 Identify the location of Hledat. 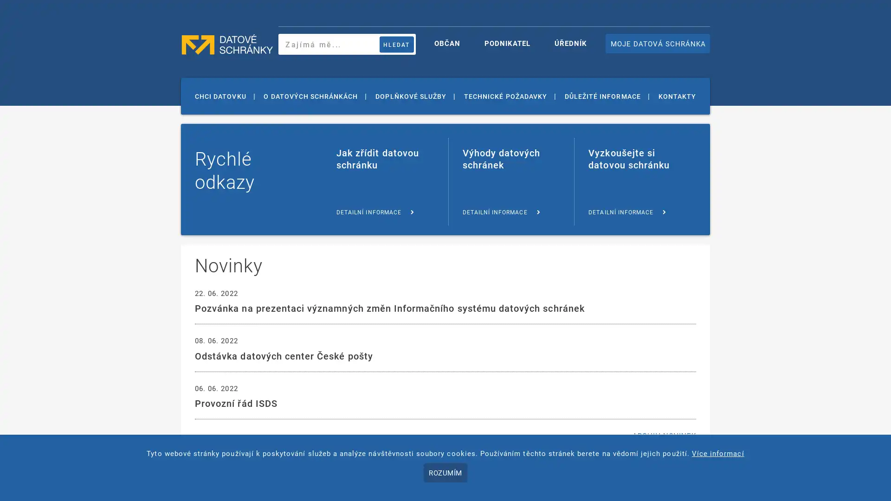
(396, 44).